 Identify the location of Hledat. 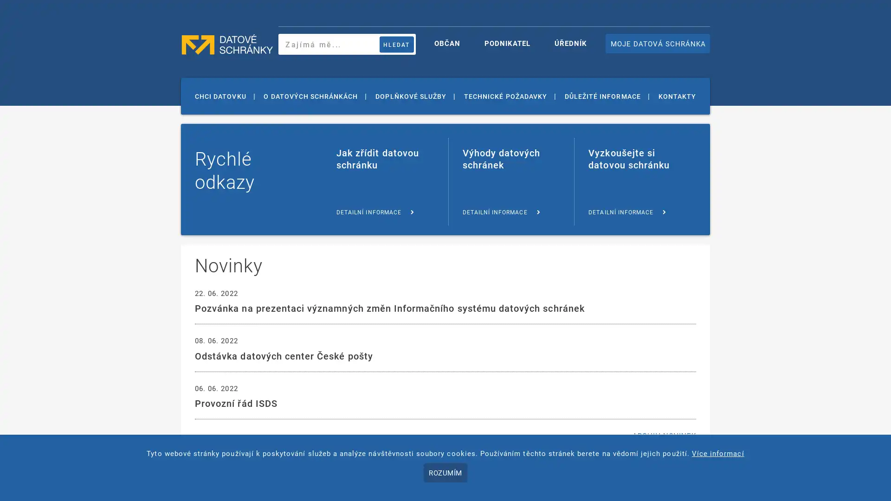
(396, 44).